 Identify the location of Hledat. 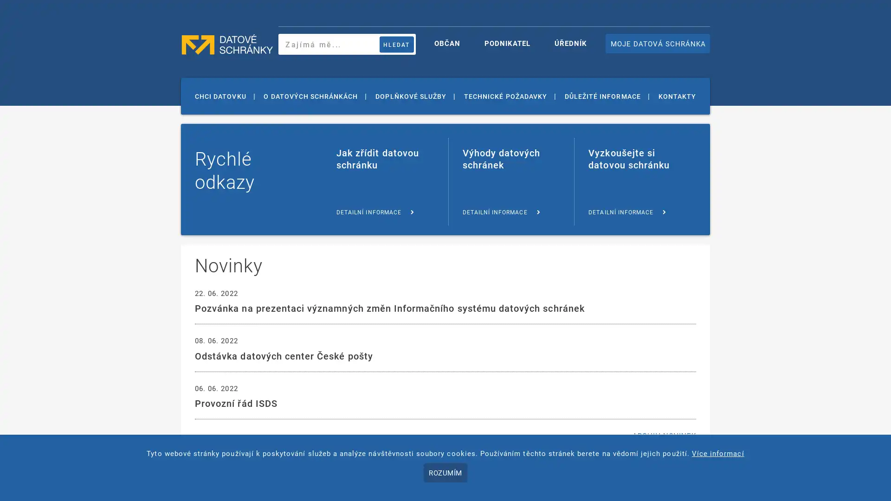
(396, 44).